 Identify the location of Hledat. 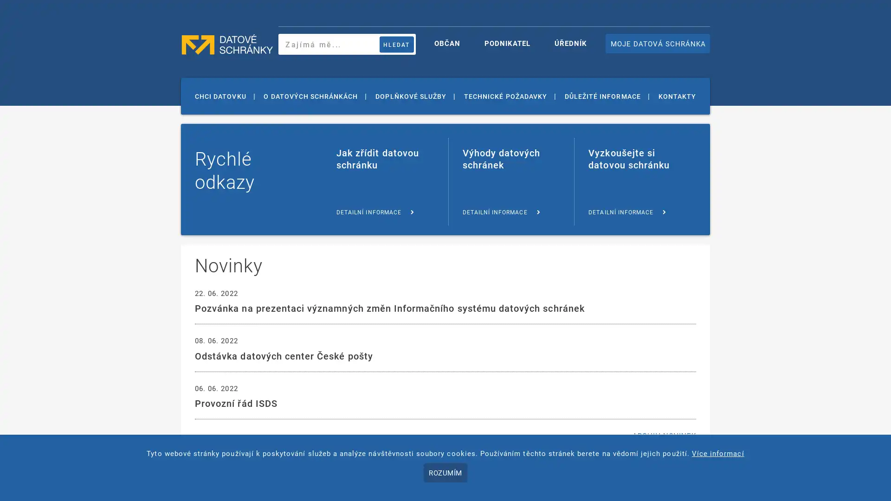
(396, 44).